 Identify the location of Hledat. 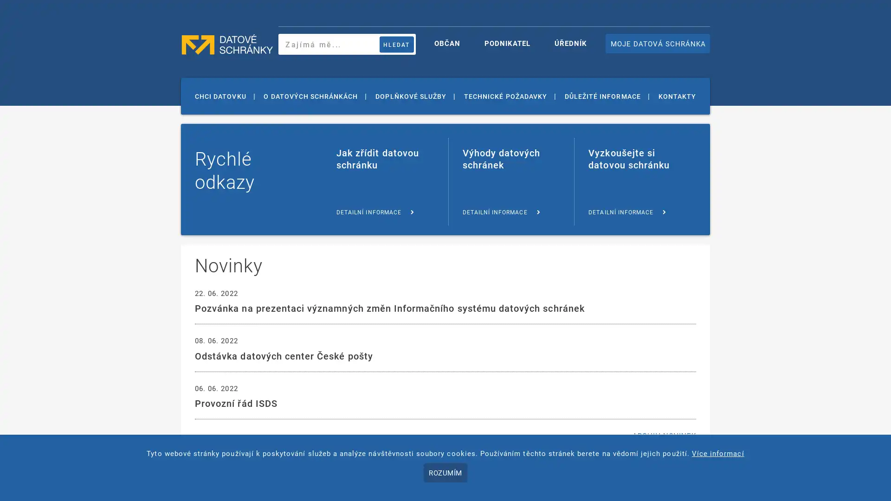
(396, 44).